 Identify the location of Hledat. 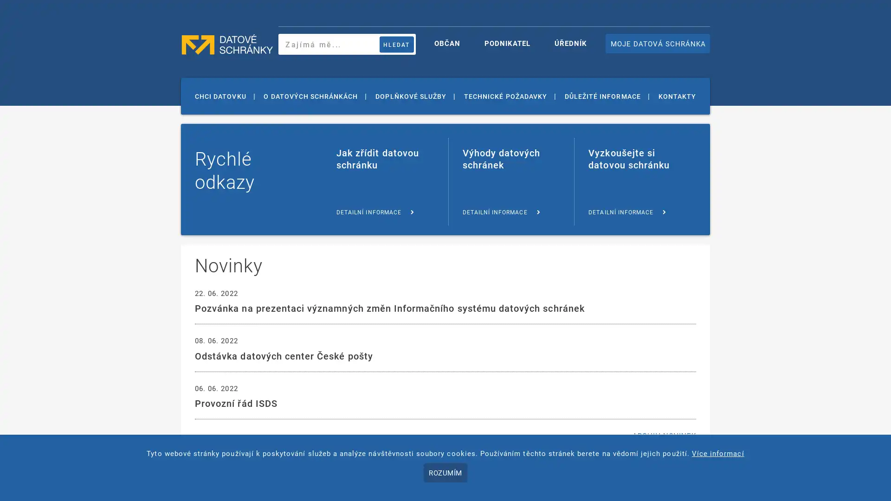
(396, 44).